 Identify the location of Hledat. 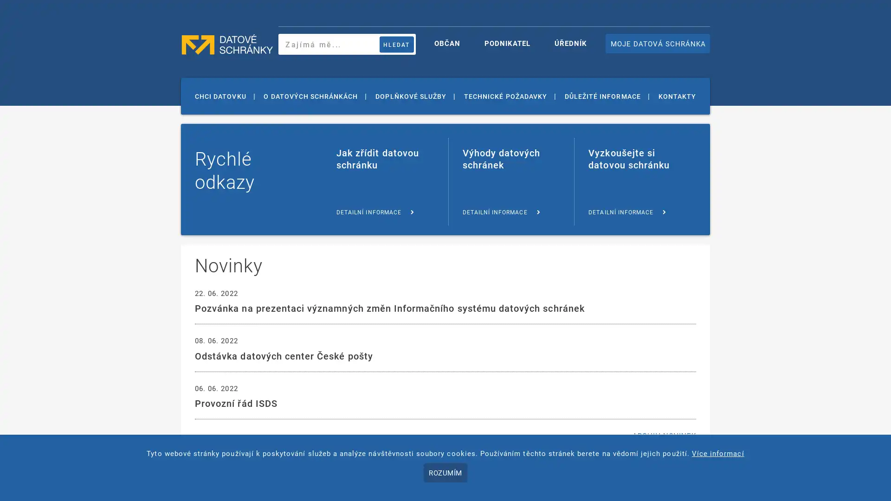
(396, 44).